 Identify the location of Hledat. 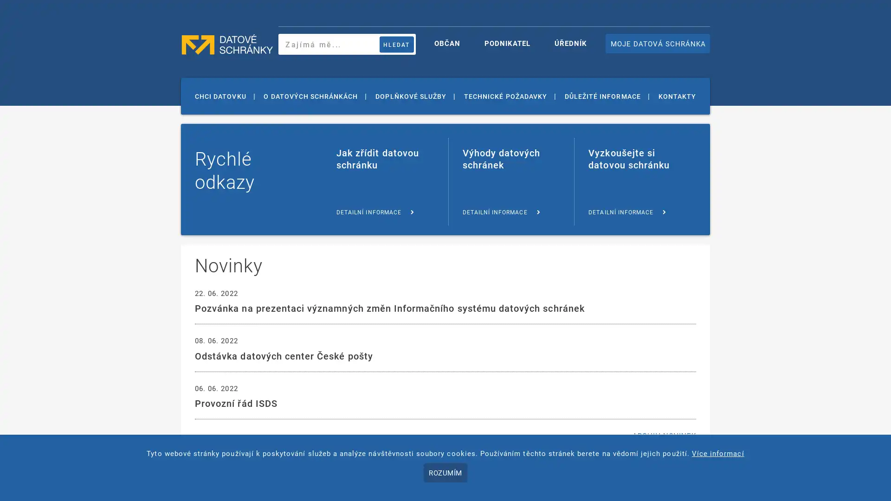
(396, 44).